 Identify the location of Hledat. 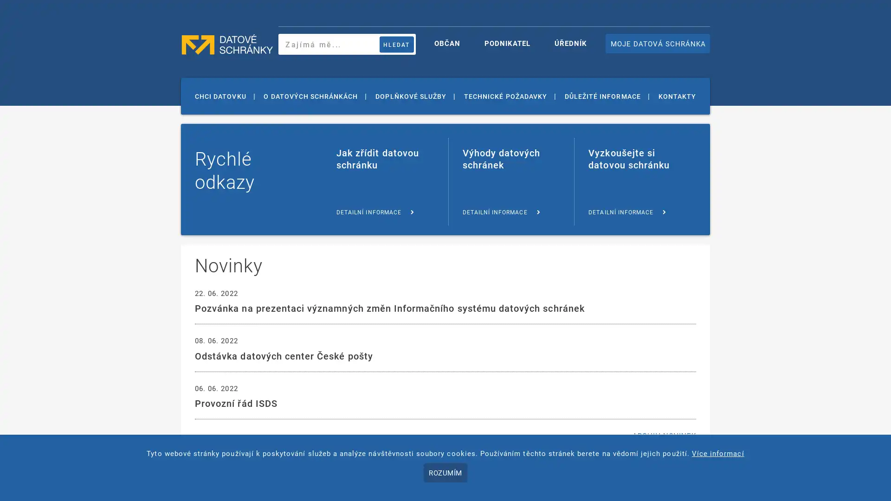
(396, 44).